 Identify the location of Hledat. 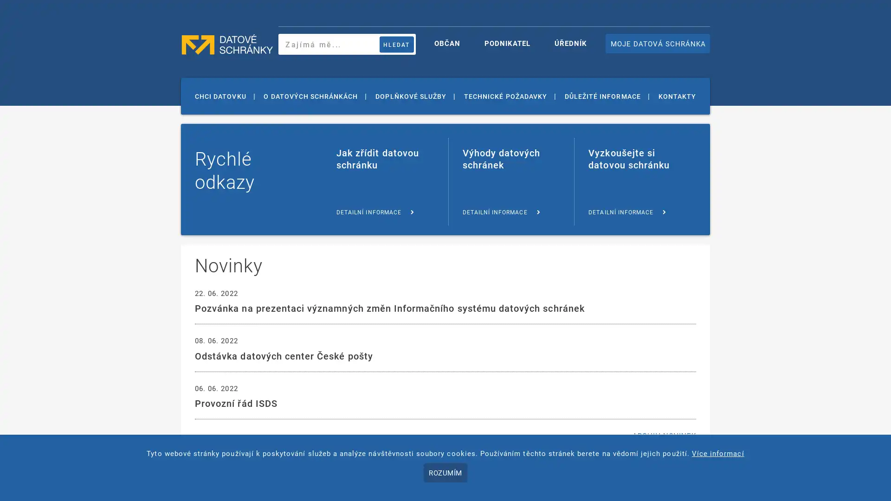
(396, 44).